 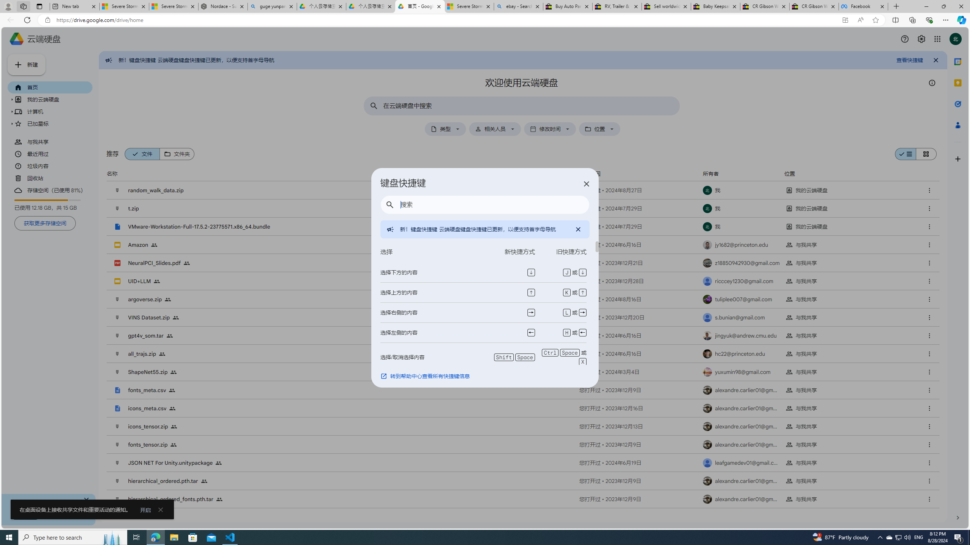 I want to click on 'Sell worldwide with eBay', so click(x=666, y=6).